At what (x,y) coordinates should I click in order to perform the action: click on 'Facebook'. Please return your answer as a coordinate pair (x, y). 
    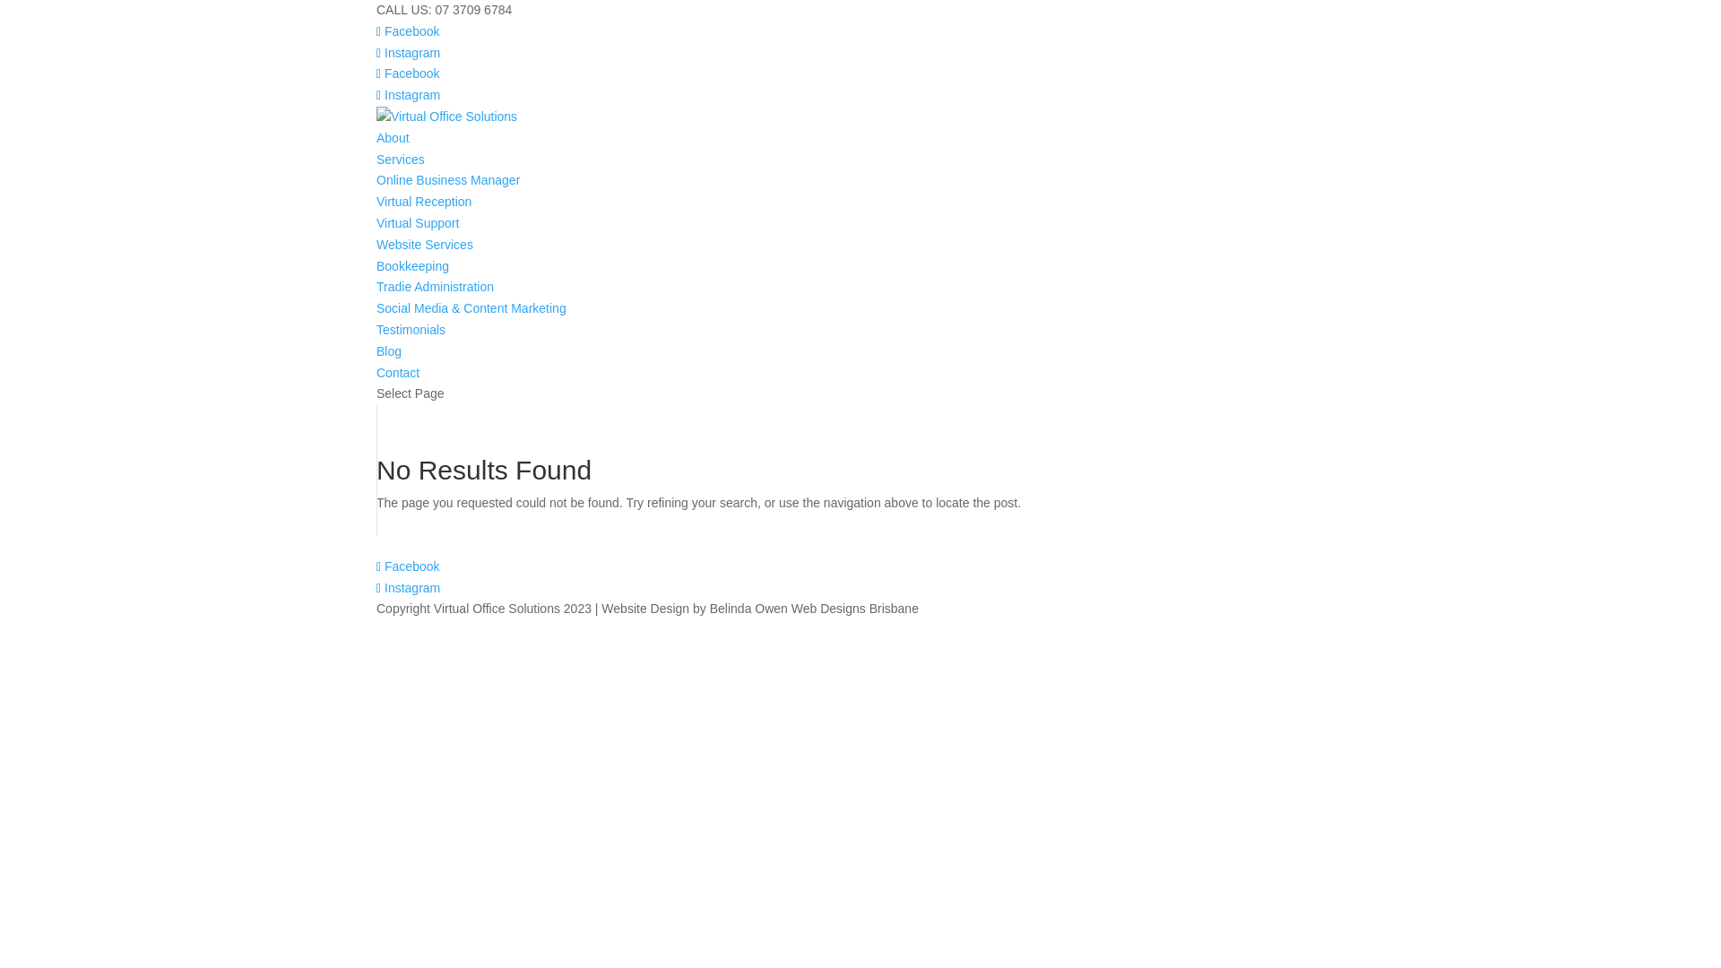
    Looking at the image, I should click on (407, 30).